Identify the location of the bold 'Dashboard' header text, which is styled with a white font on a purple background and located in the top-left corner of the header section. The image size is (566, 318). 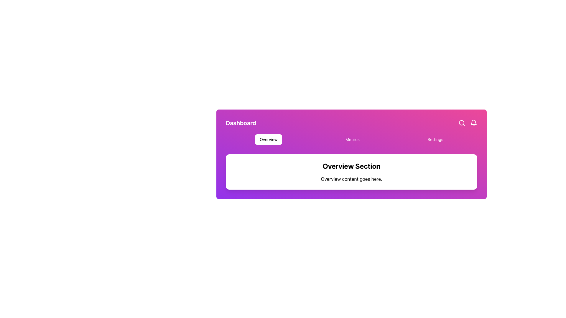
(241, 122).